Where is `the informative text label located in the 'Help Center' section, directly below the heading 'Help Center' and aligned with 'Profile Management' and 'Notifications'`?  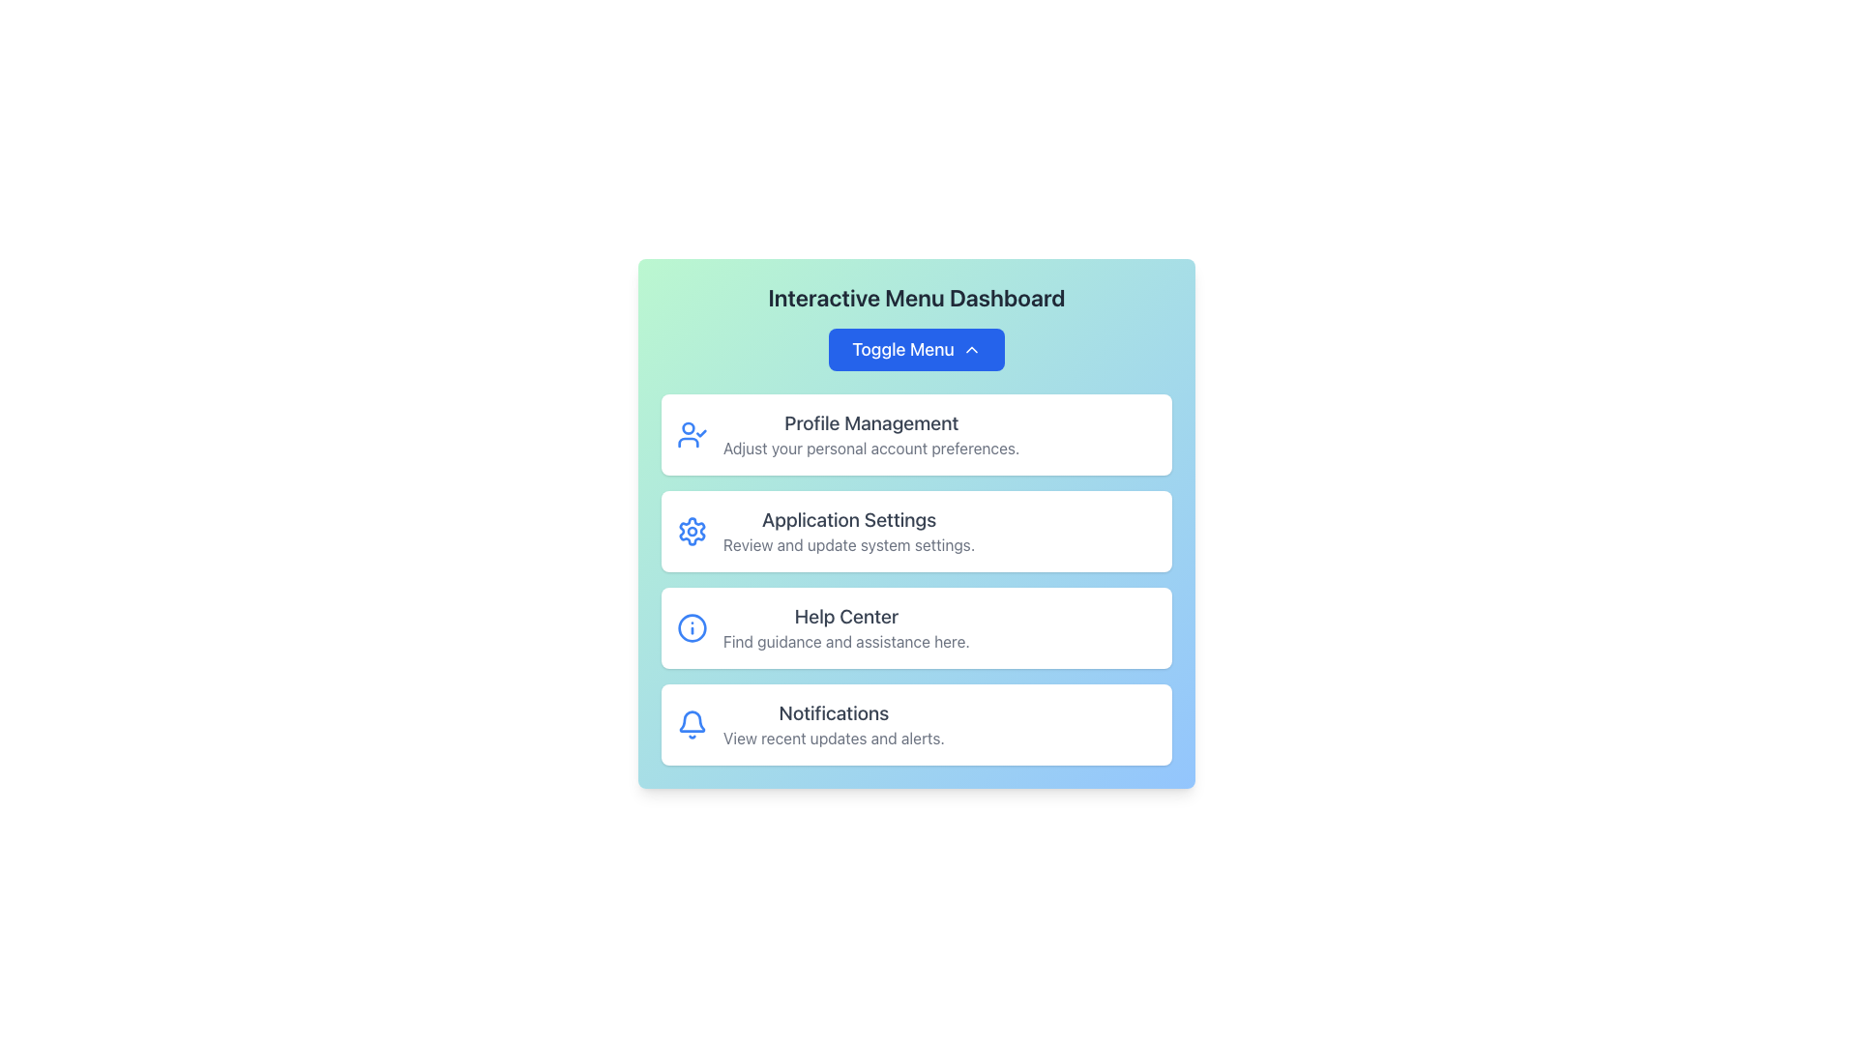
the informative text label located in the 'Help Center' section, directly below the heading 'Help Center' and aligned with 'Profile Management' and 'Notifications' is located at coordinates (846, 641).